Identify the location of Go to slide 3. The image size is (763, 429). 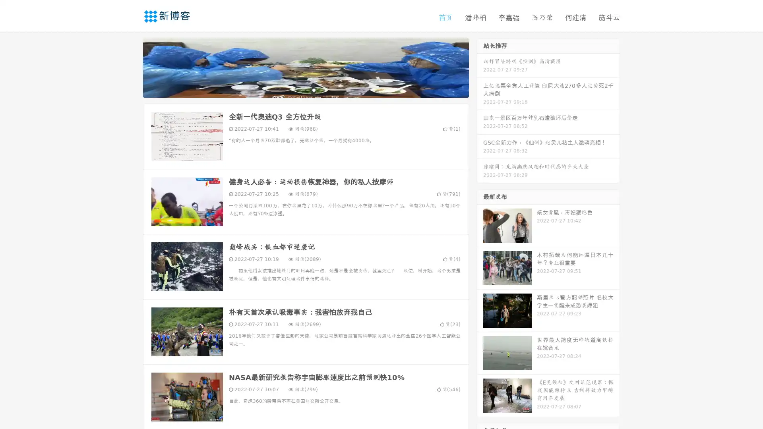
(314, 89).